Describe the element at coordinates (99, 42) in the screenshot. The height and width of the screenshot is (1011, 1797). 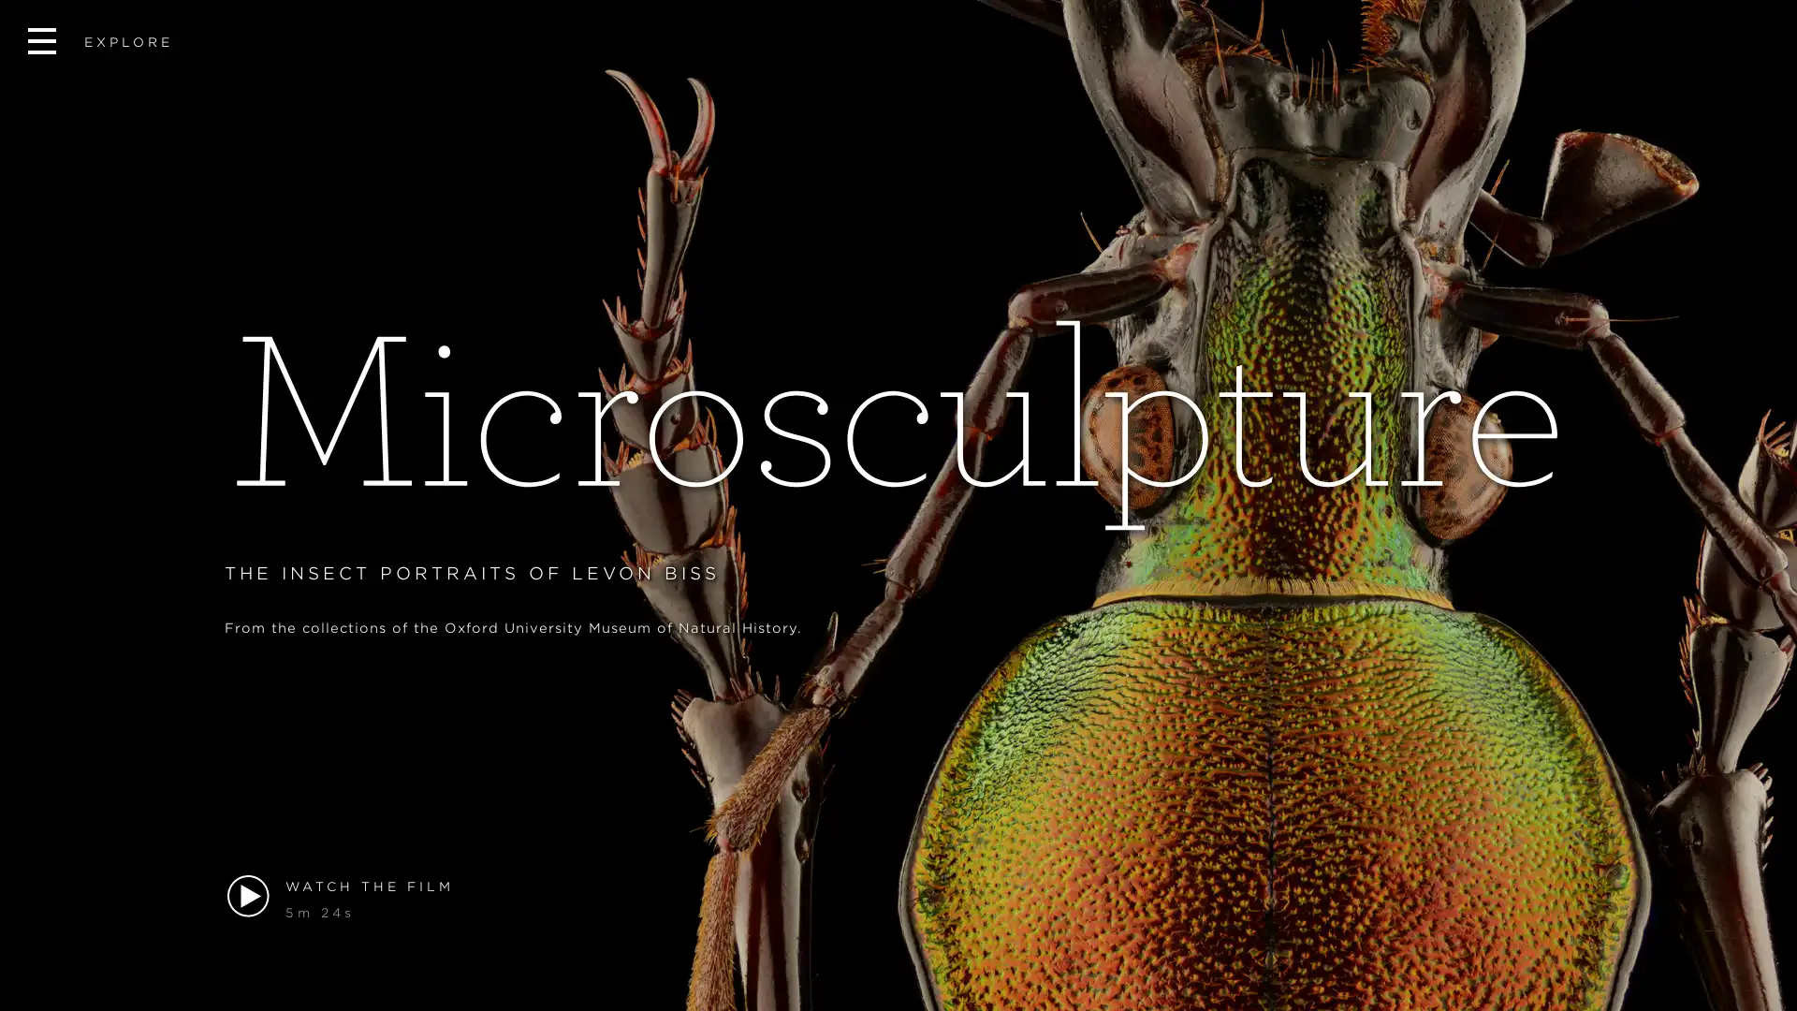
I see `EXPLORE` at that location.